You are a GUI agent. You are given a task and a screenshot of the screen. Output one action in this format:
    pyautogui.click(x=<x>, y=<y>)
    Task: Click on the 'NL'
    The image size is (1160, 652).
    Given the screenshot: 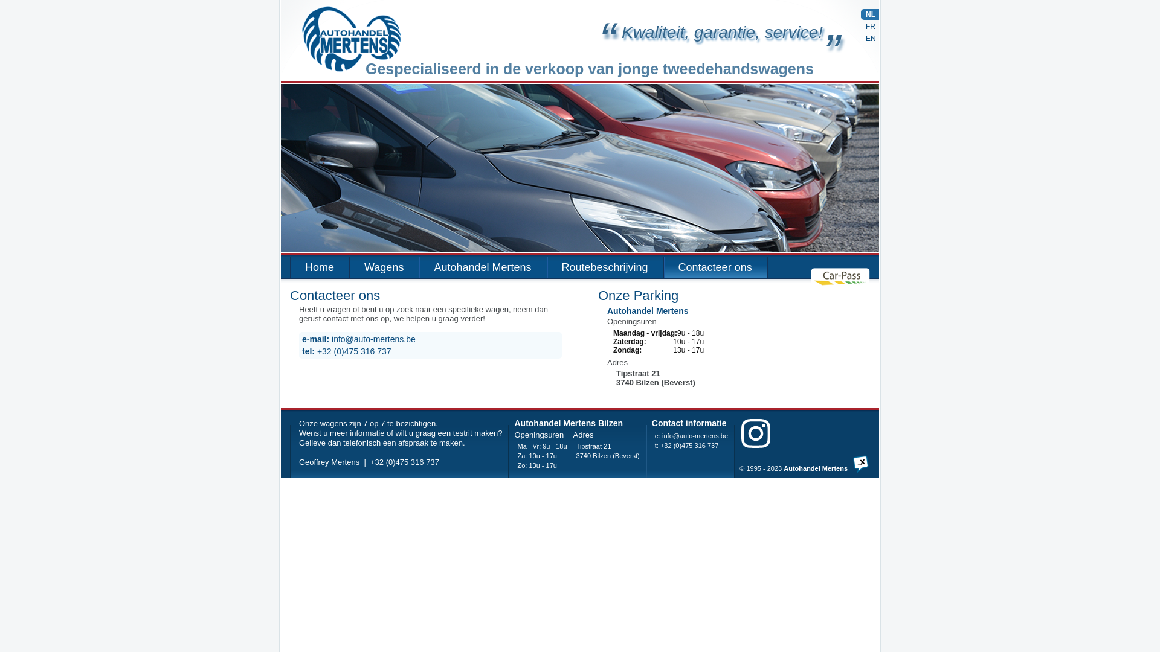 What is the action you would take?
    pyautogui.click(x=870, y=14)
    